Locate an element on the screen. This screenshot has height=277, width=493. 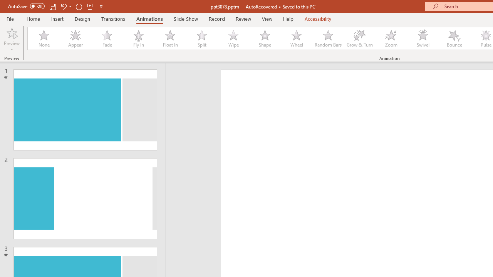
'Fly In' is located at coordinates (138, 38).